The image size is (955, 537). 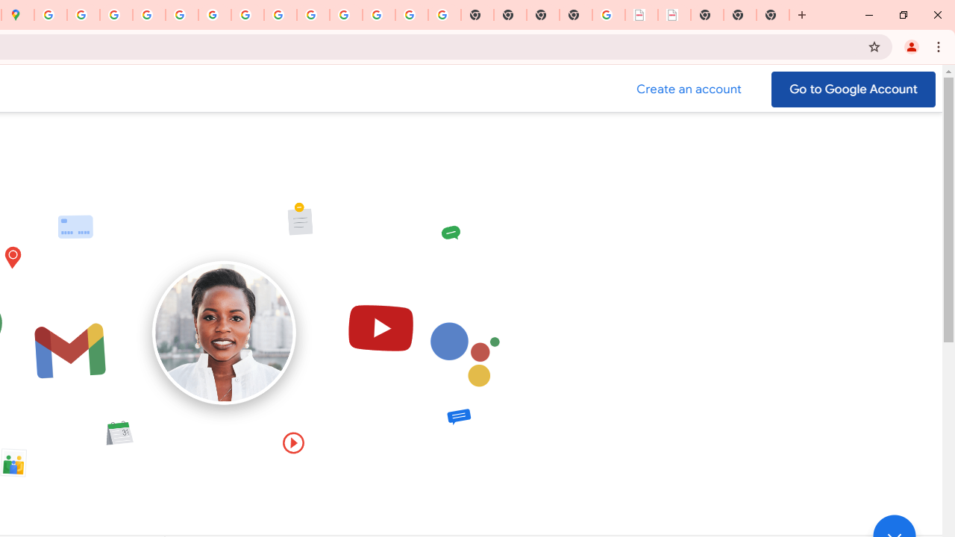 I want to click on 'Create a Google Account', so click(x=689, y=89).